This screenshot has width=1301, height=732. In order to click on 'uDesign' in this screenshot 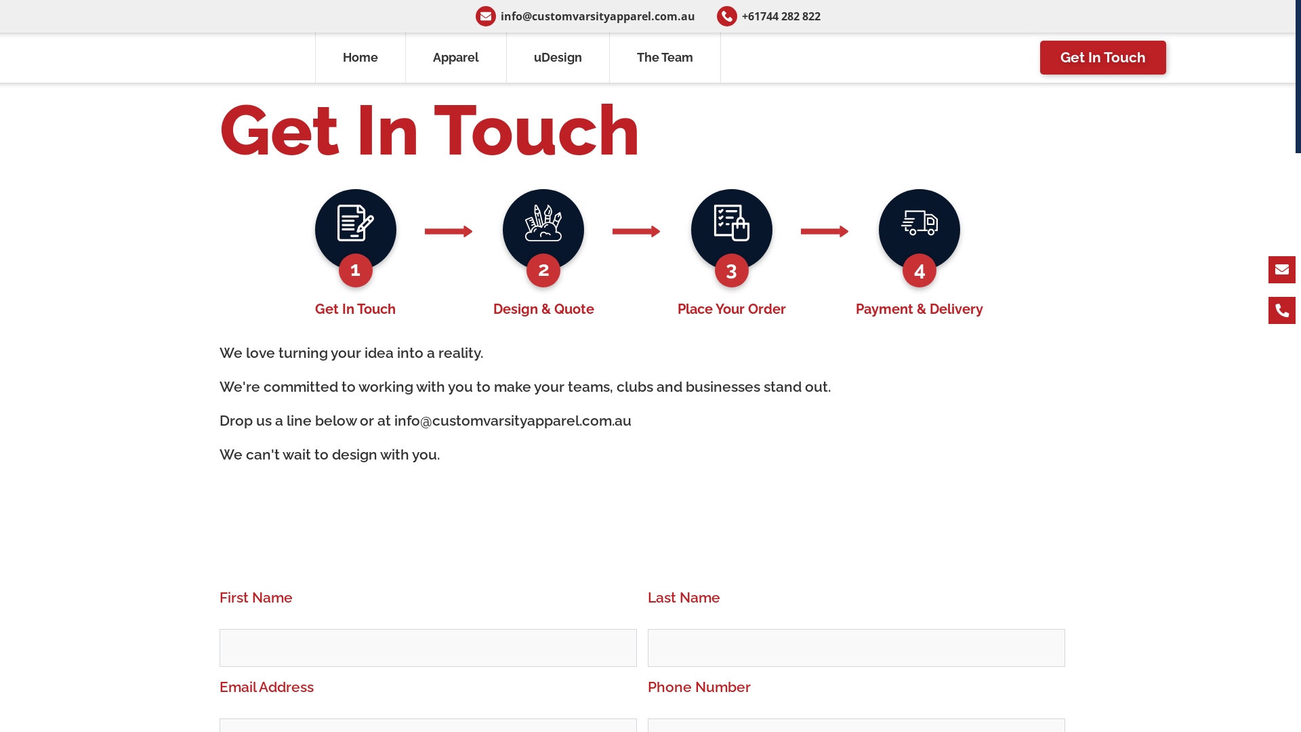, I will do `click(558, 56)`.